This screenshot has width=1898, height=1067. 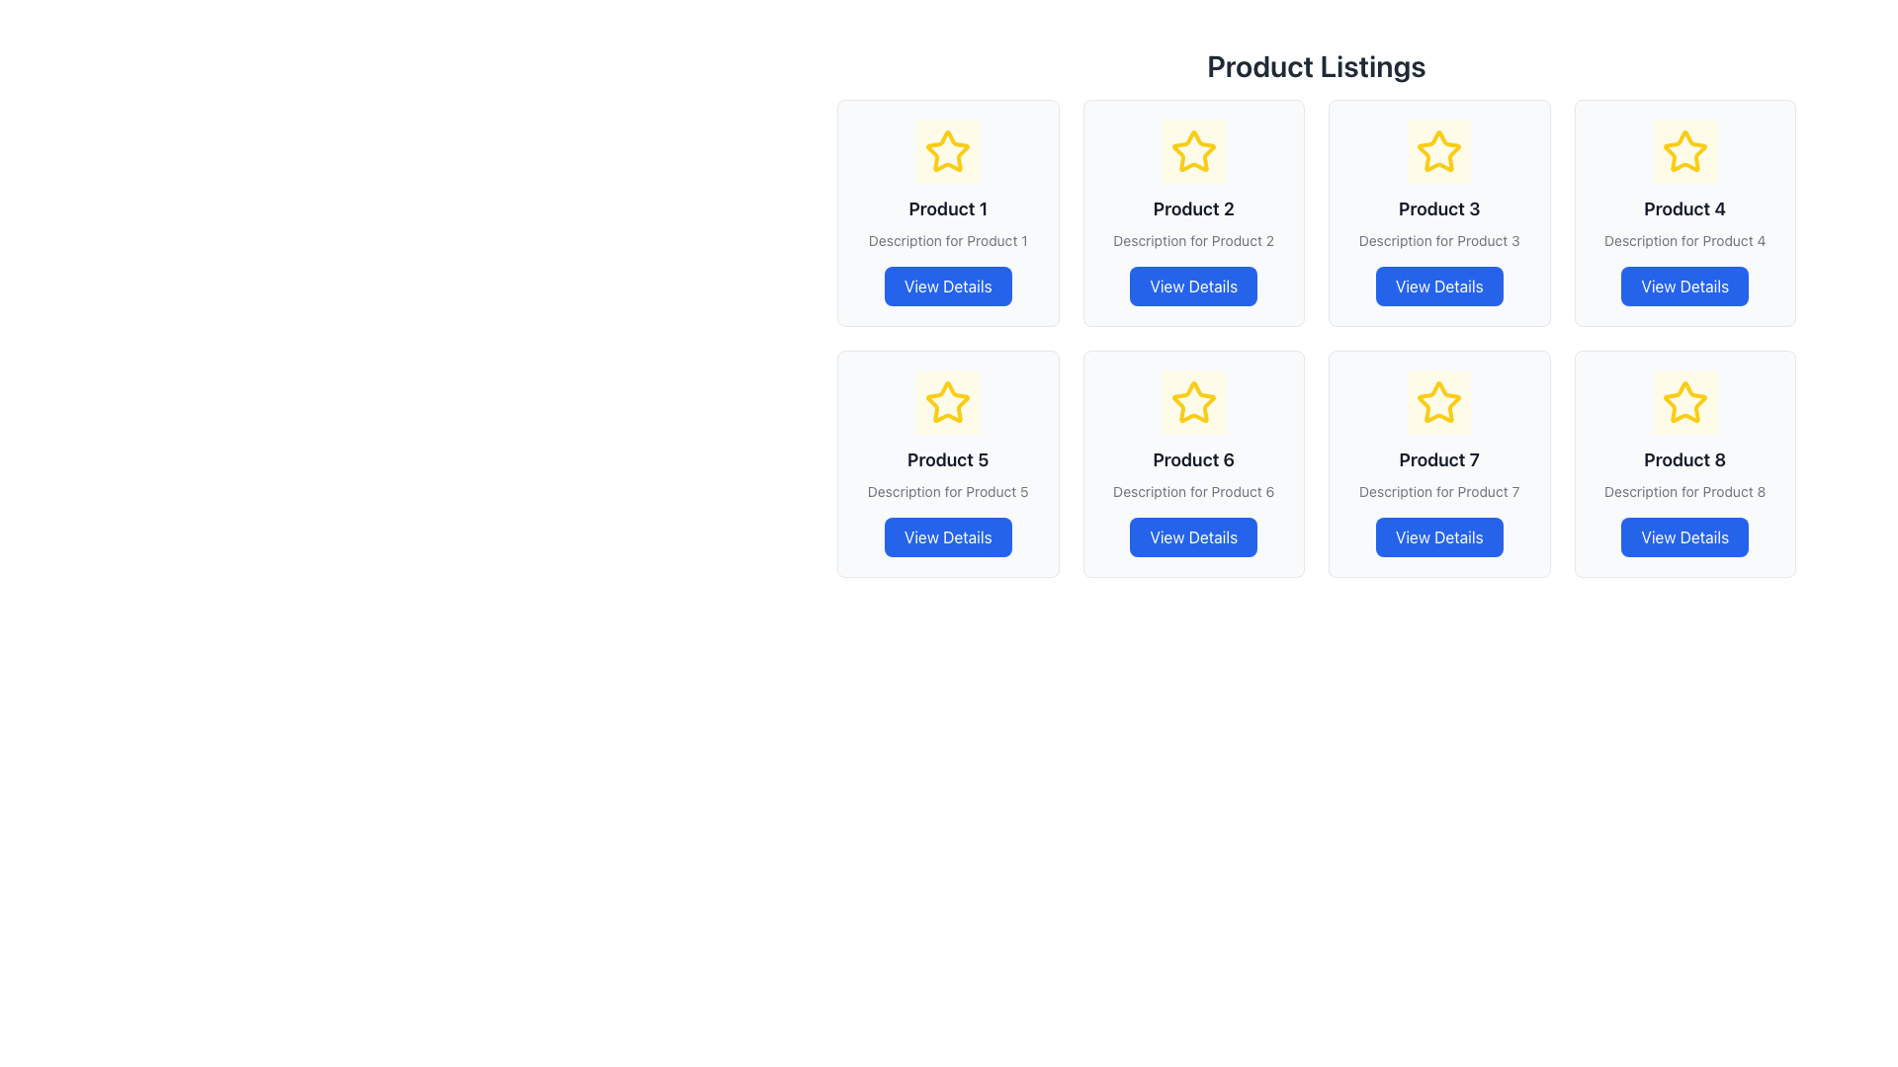 I want to click on description text of 'Product 8', which is the second text element located in the bottom-right corner of the last card in the grid layout, so click(x=1683, y=490).